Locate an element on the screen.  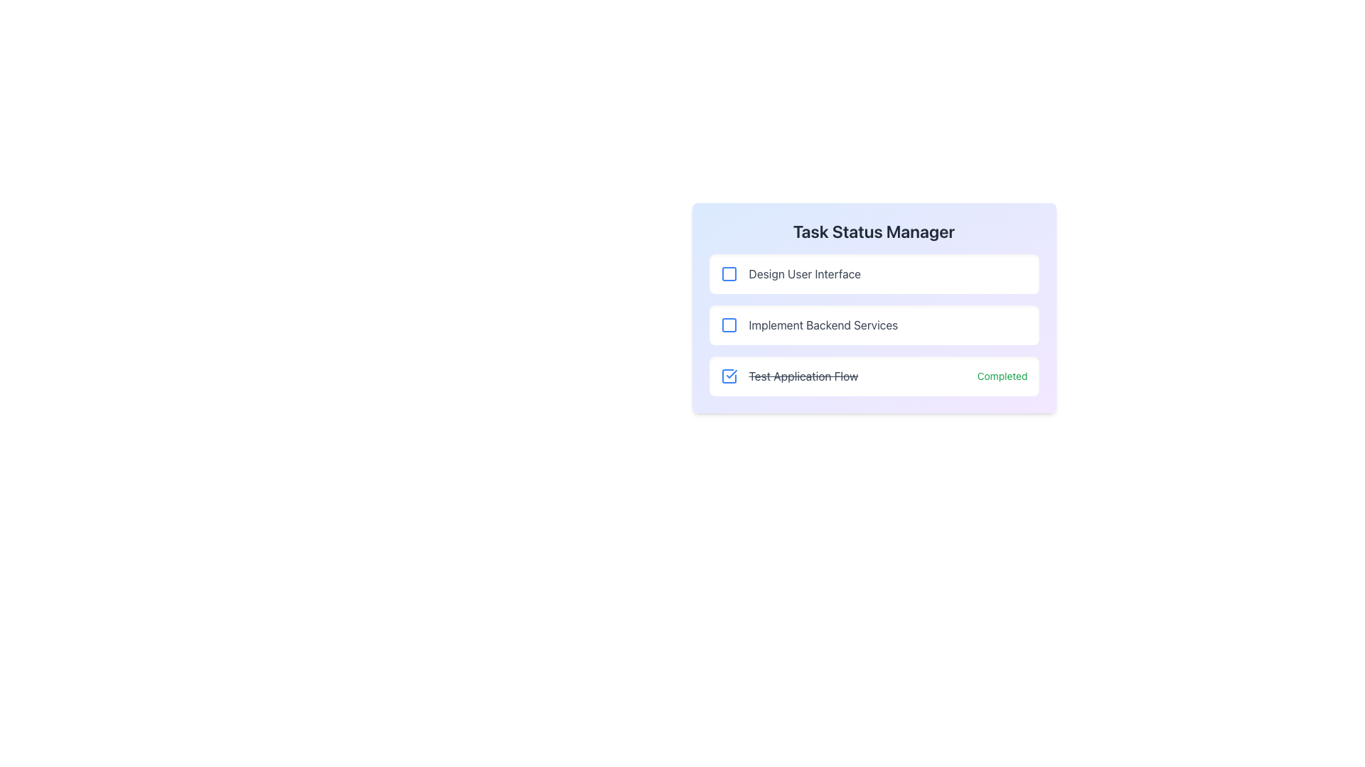
the checkbox icon located to the left of the text label 'Test Application Flow' in the third entry of the task list is located at coordinates (729, 375).